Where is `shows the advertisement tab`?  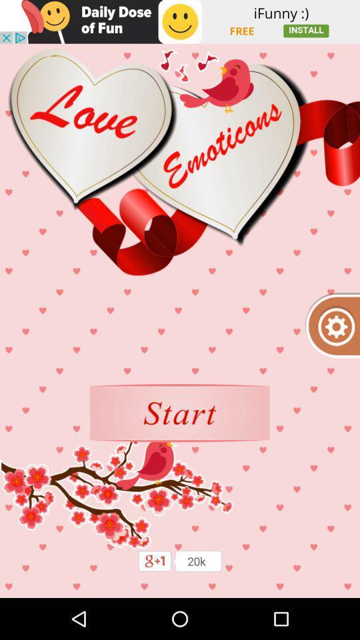
shows the advertisement tab is located at coordinates (180, 21).